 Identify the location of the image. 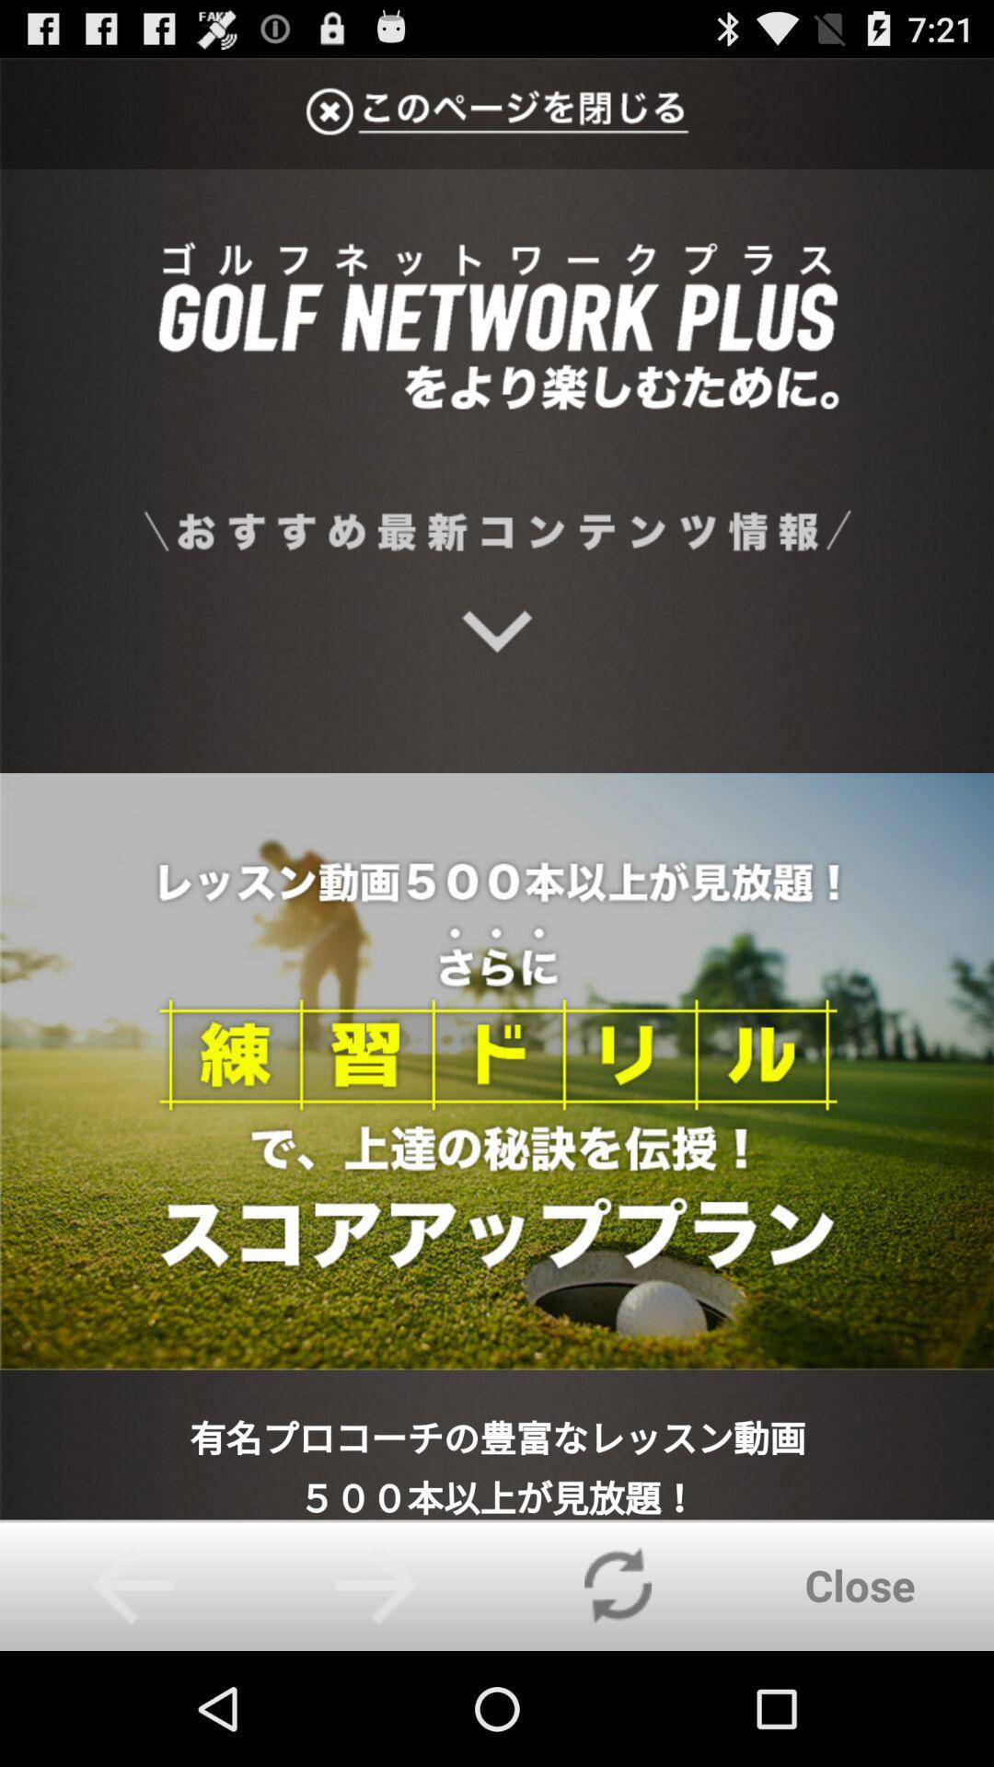
(497, 789).